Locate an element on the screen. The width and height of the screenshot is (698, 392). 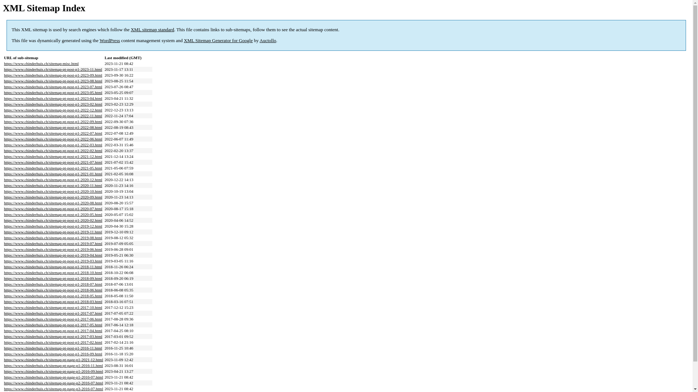
'https://www.chinderhuis.ch/sitemap-pt-post-p1-2019-04.html' is located at coordinates (52, 254).